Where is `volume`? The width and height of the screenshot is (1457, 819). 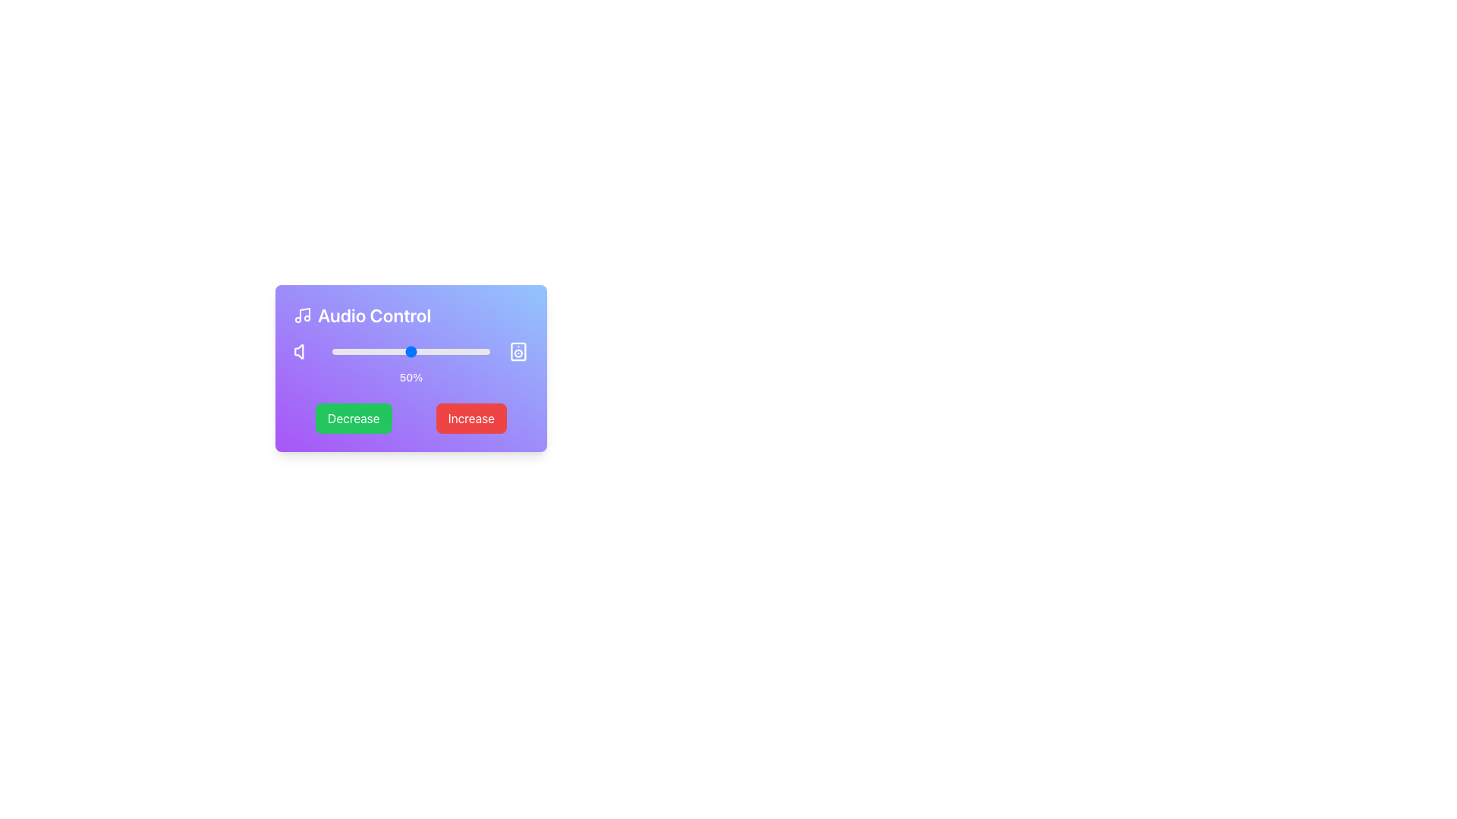
volume is located at coordinates (434, 351).